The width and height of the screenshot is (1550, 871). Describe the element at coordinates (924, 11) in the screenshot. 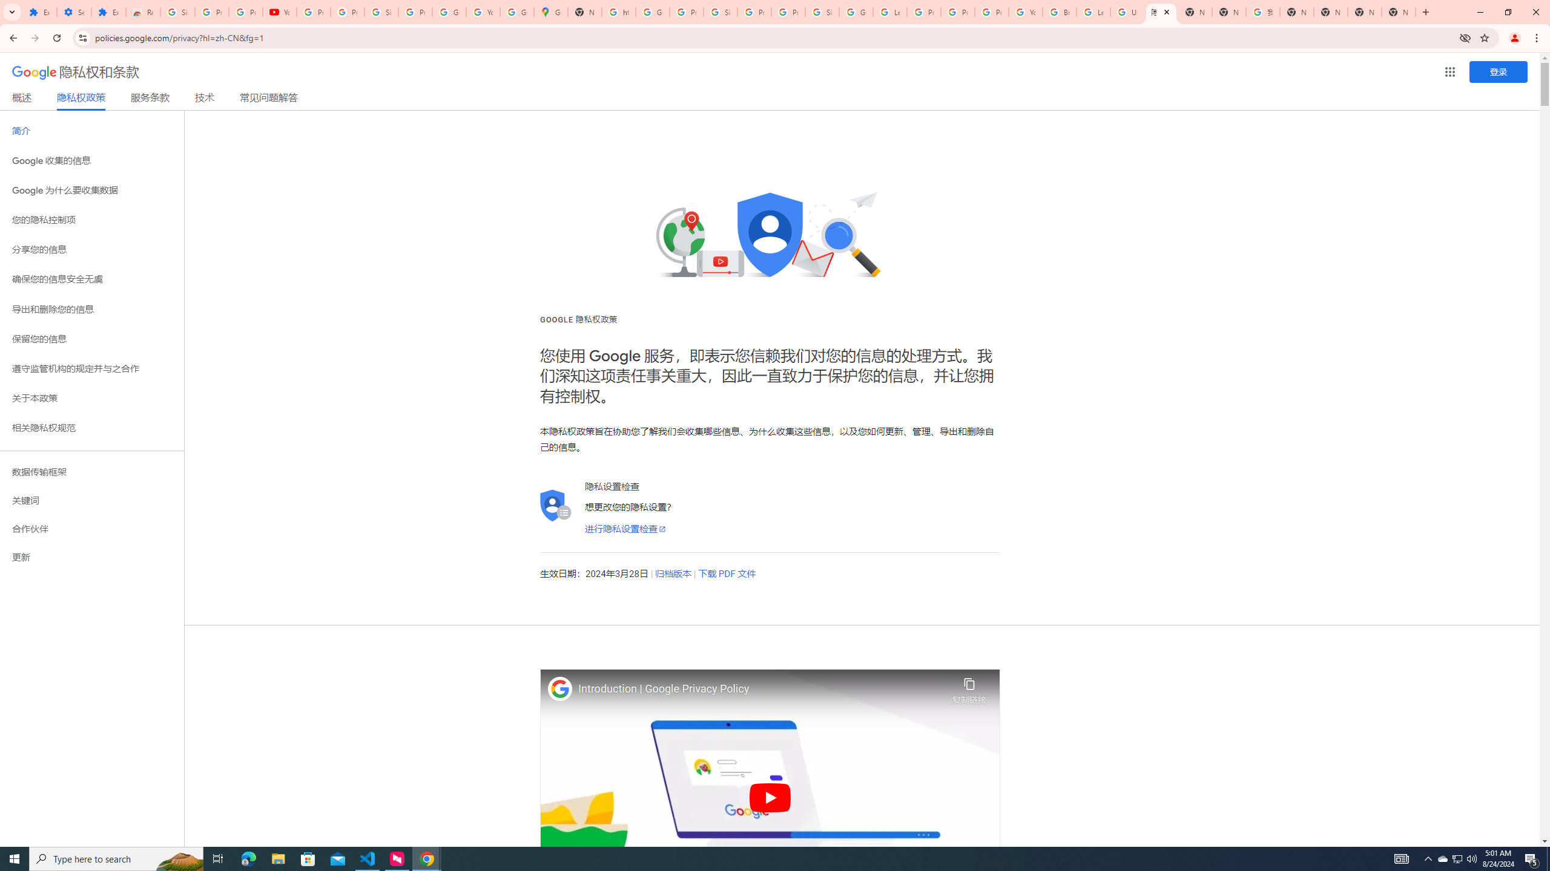

I see `'Privacy Help Center - Policies Help'` at that location.